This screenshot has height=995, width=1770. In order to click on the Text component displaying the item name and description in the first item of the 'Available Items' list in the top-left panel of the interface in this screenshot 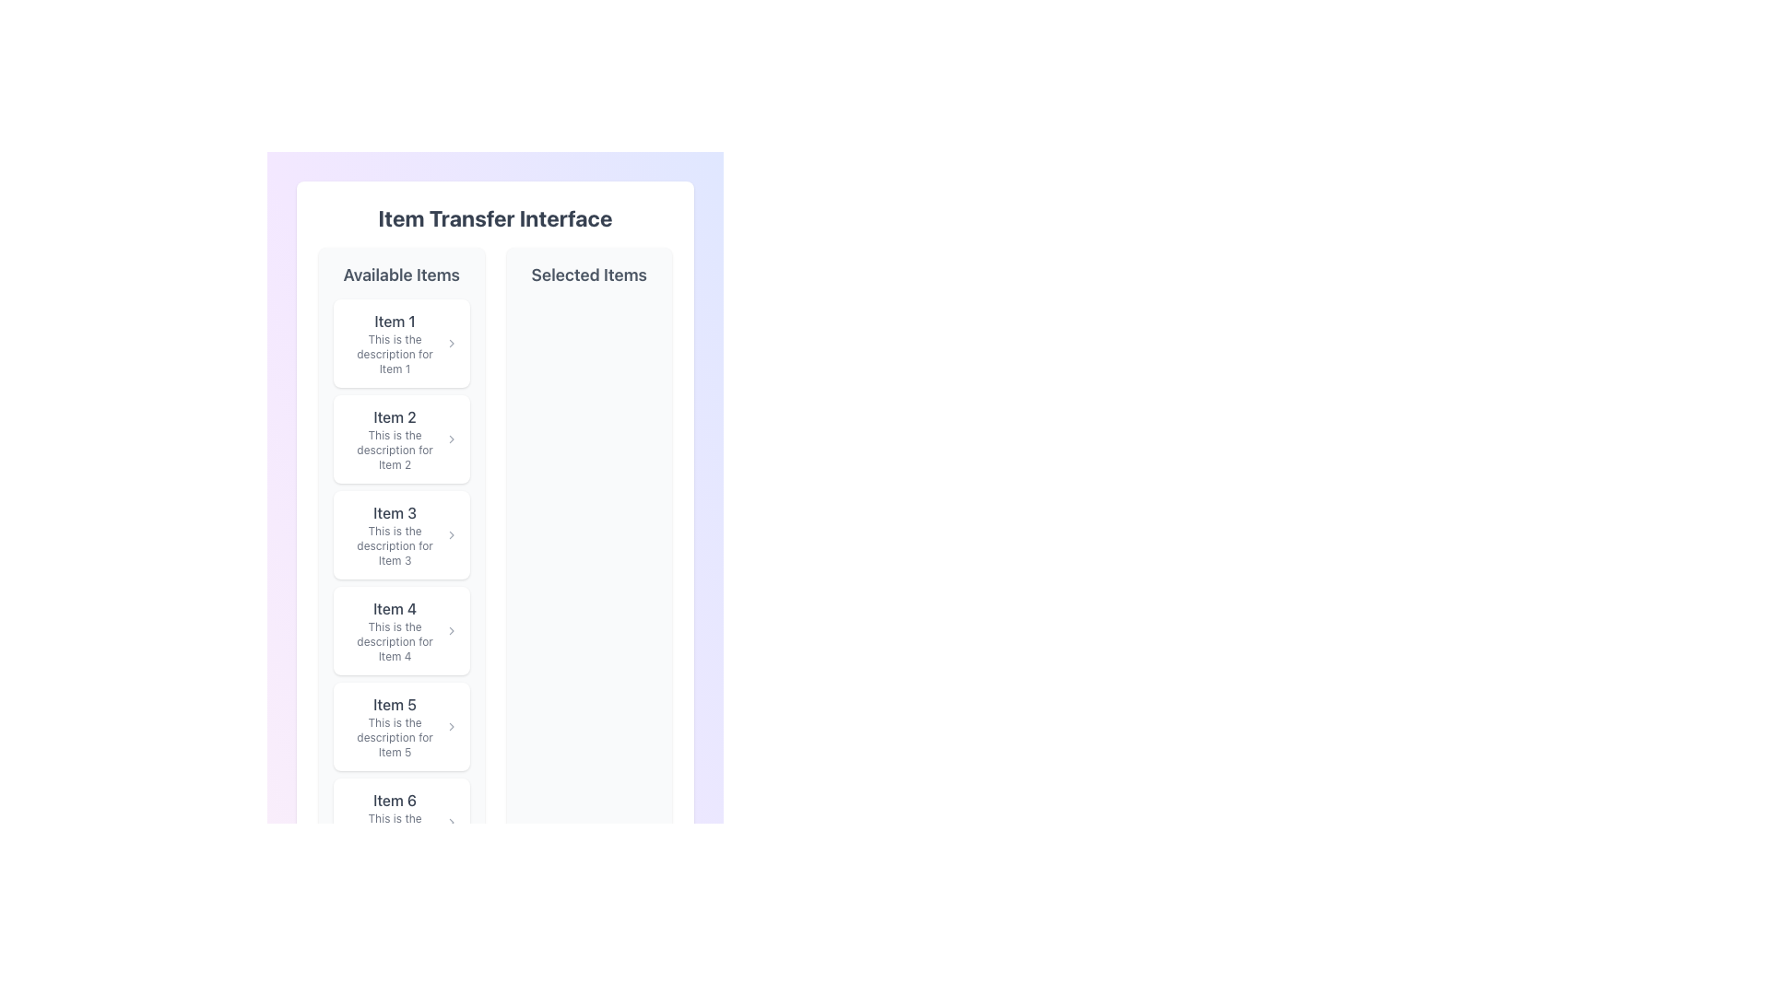, I will do `click(394, 344)`.